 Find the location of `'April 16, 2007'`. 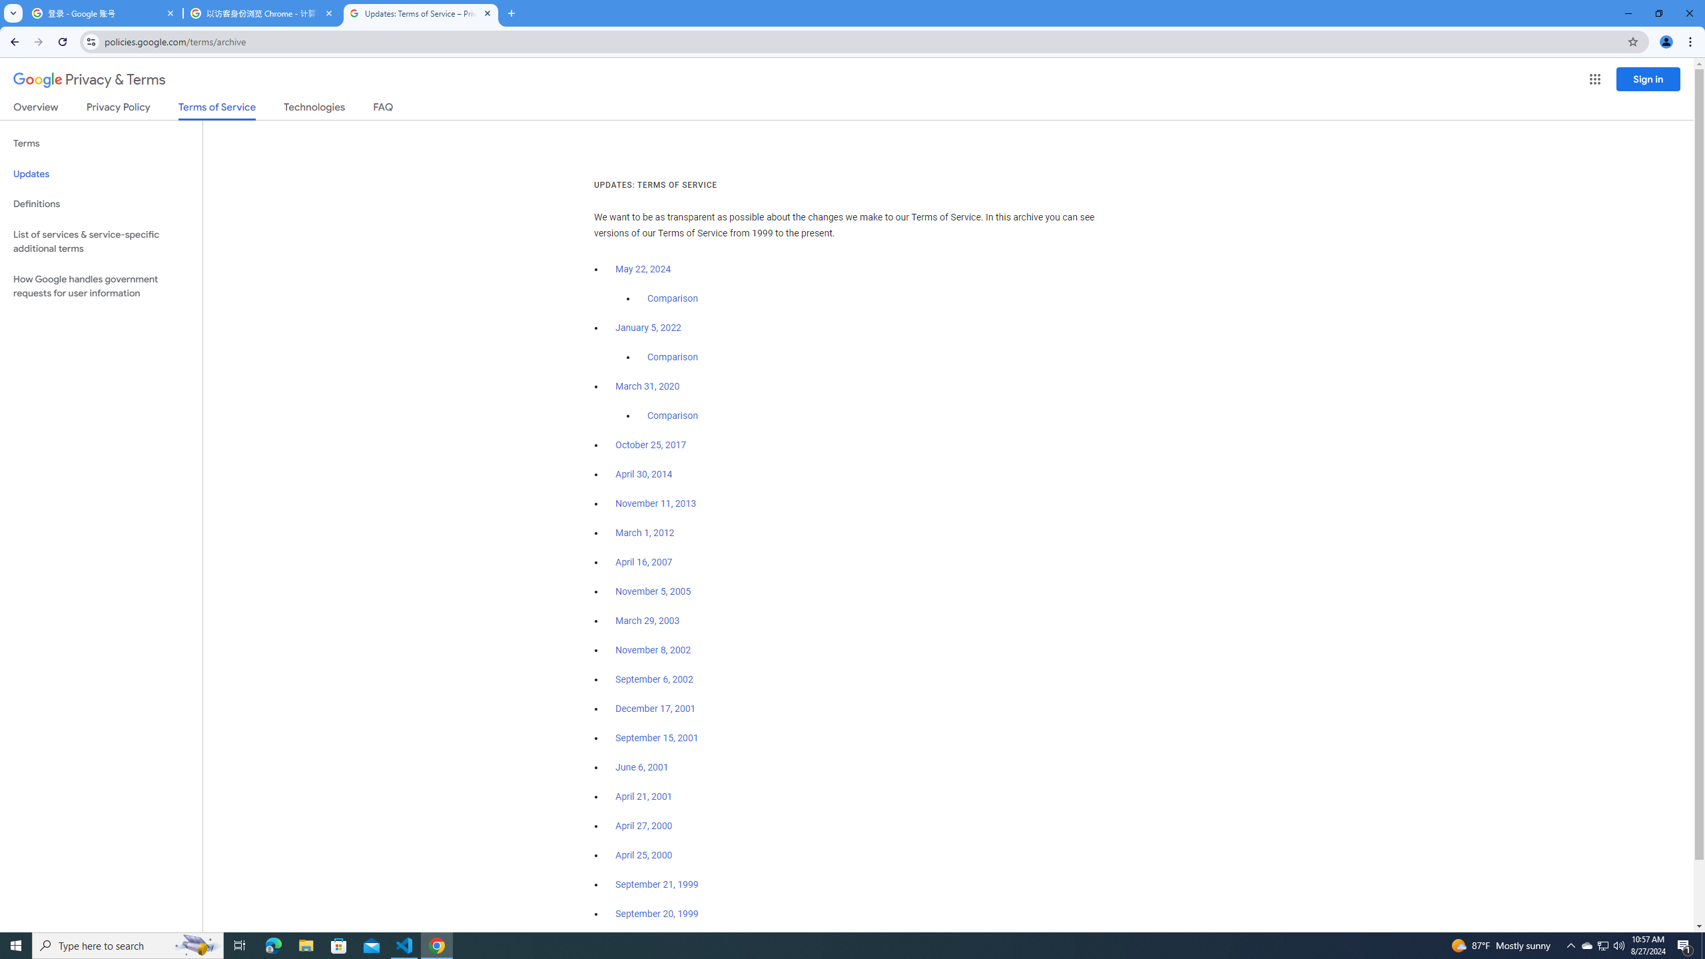

'April 16, 2007' is located at coordinates (643, 563).